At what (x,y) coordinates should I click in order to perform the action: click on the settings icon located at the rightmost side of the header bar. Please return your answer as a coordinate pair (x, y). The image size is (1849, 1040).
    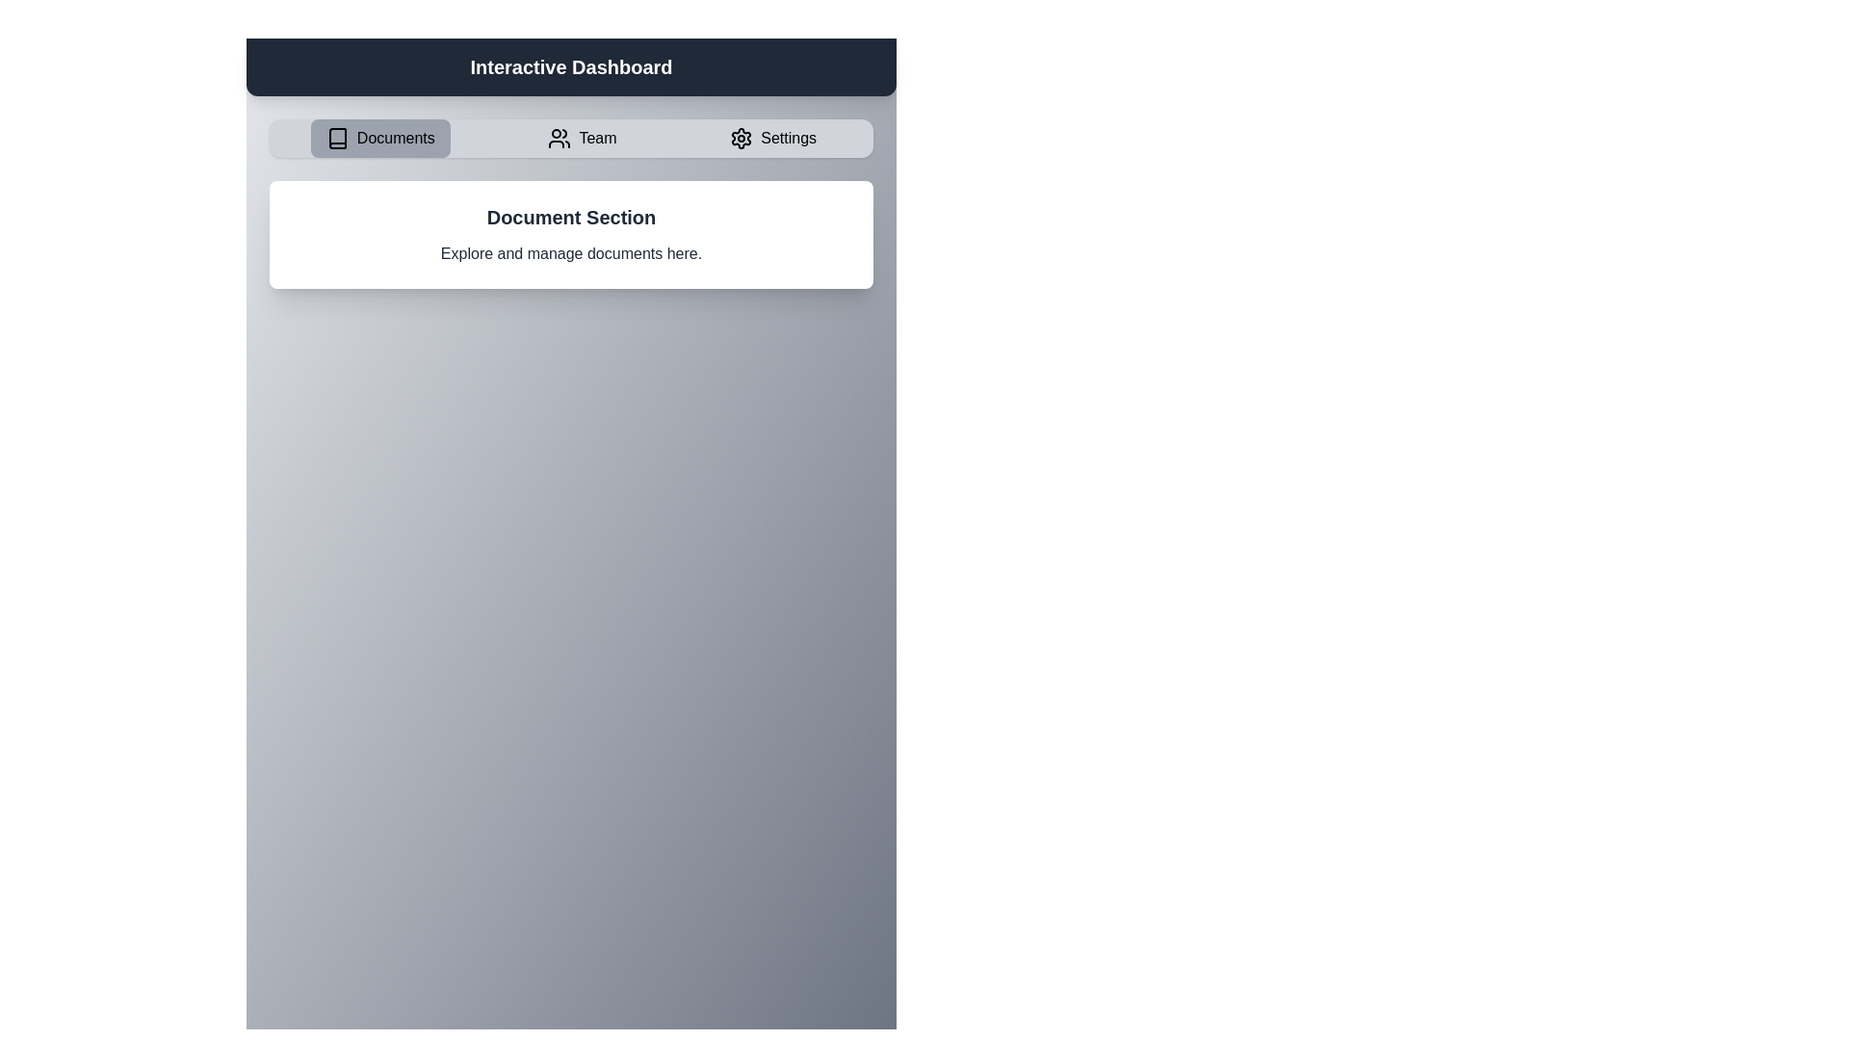
    Looking at the image, I should click on (741, 137).